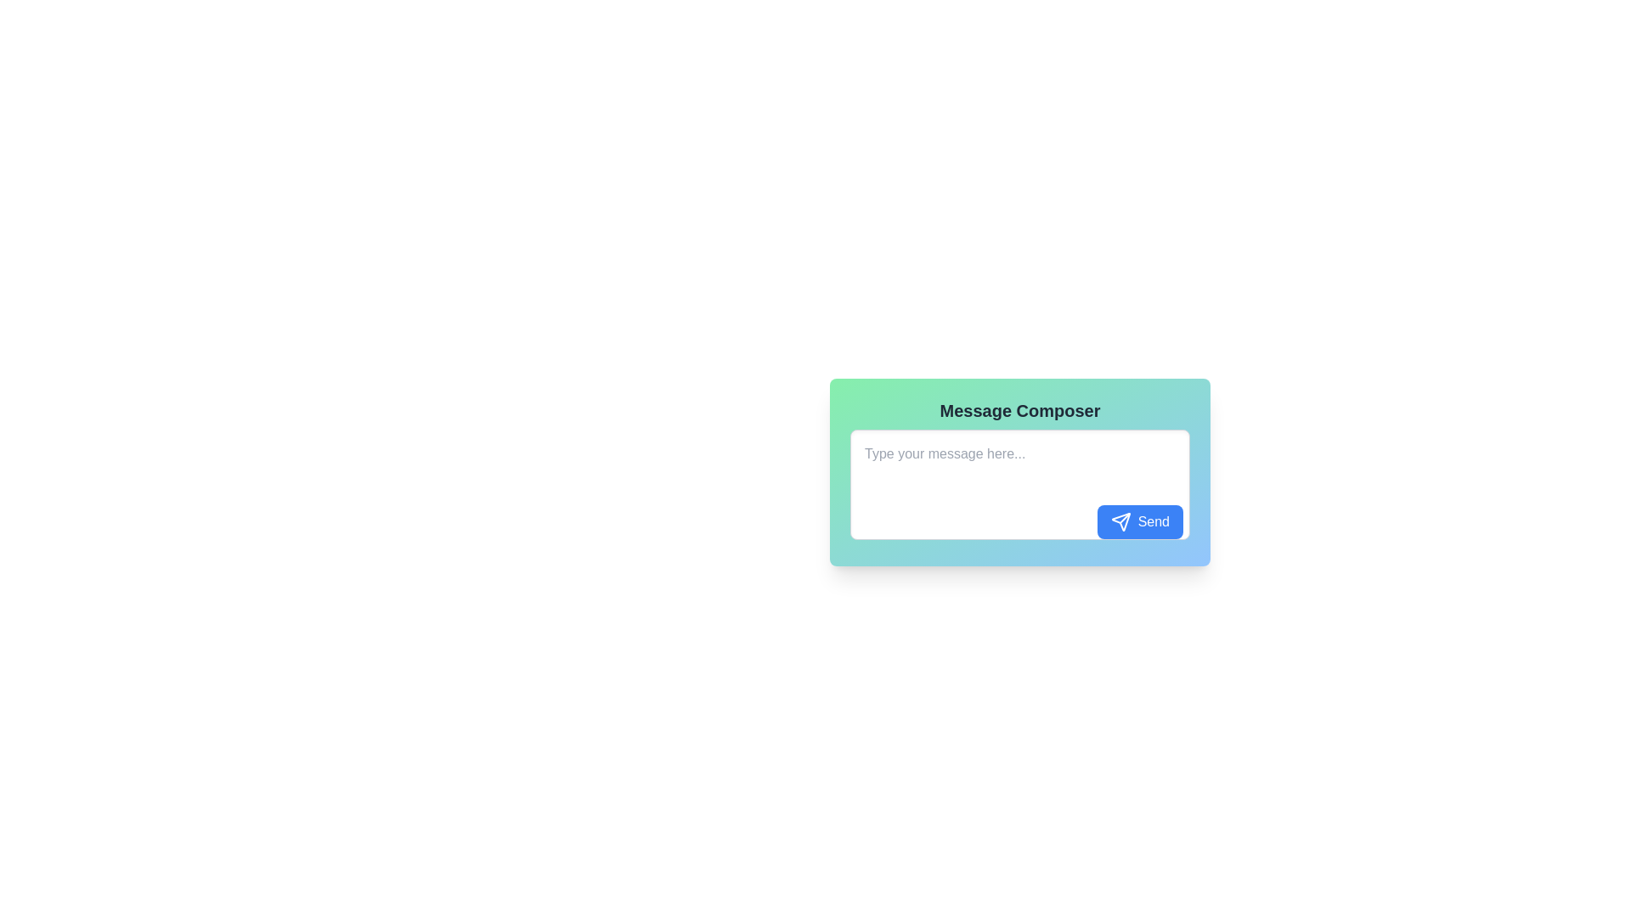  I want to click on the send button located in the bottom-right corner of the 'Message Composer' dialog box to potentially see visual feedback, so click(1140, 520).